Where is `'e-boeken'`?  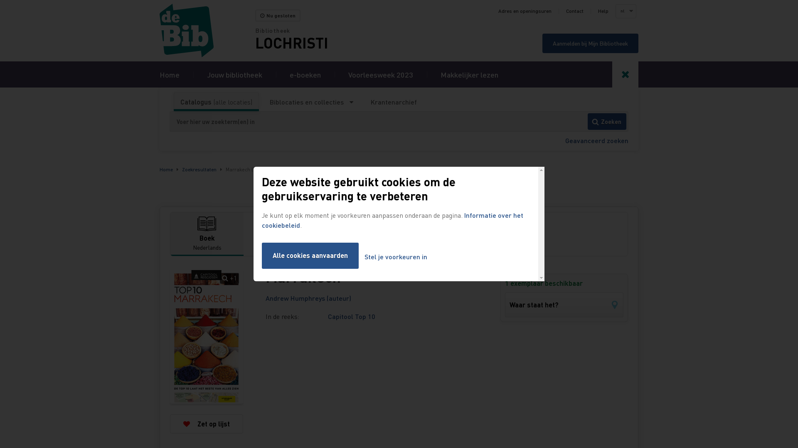
'e-boeken' is located at coordinates (305, 74).